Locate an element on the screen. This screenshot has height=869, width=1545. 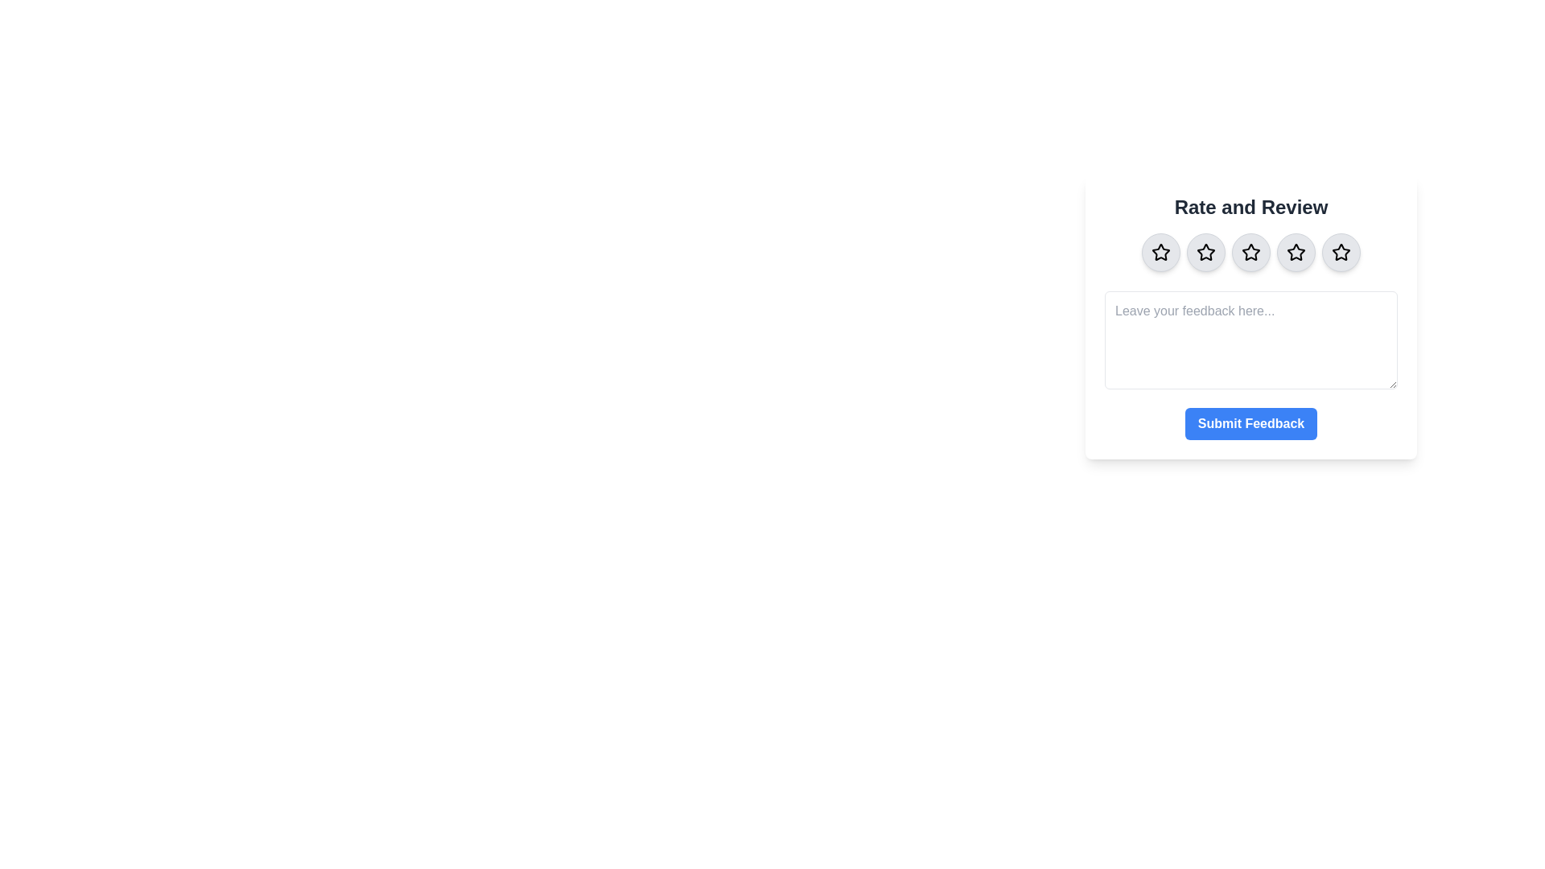
the visual state change of the selected star icon, which is the third star in a group of five, located at the top-center of the 'Rate and Review' card is located at coordinates (1250, 252).